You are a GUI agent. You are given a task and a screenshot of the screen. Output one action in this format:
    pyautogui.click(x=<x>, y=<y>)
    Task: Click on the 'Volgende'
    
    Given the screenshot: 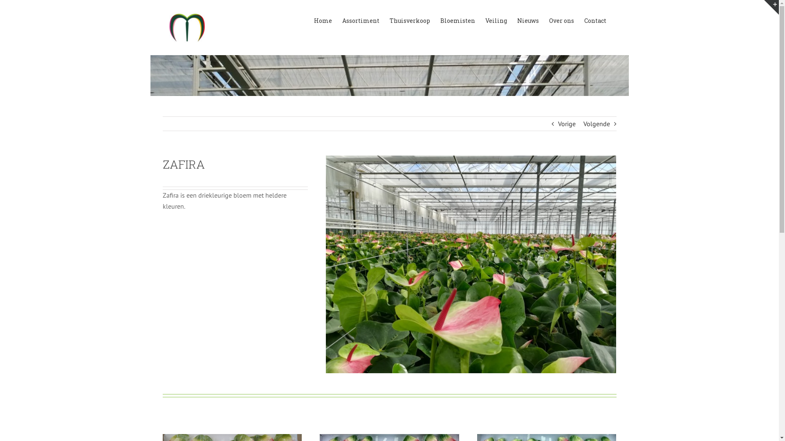 What is the action you would take?
    pyautogui.click(x=596, y=124)
    